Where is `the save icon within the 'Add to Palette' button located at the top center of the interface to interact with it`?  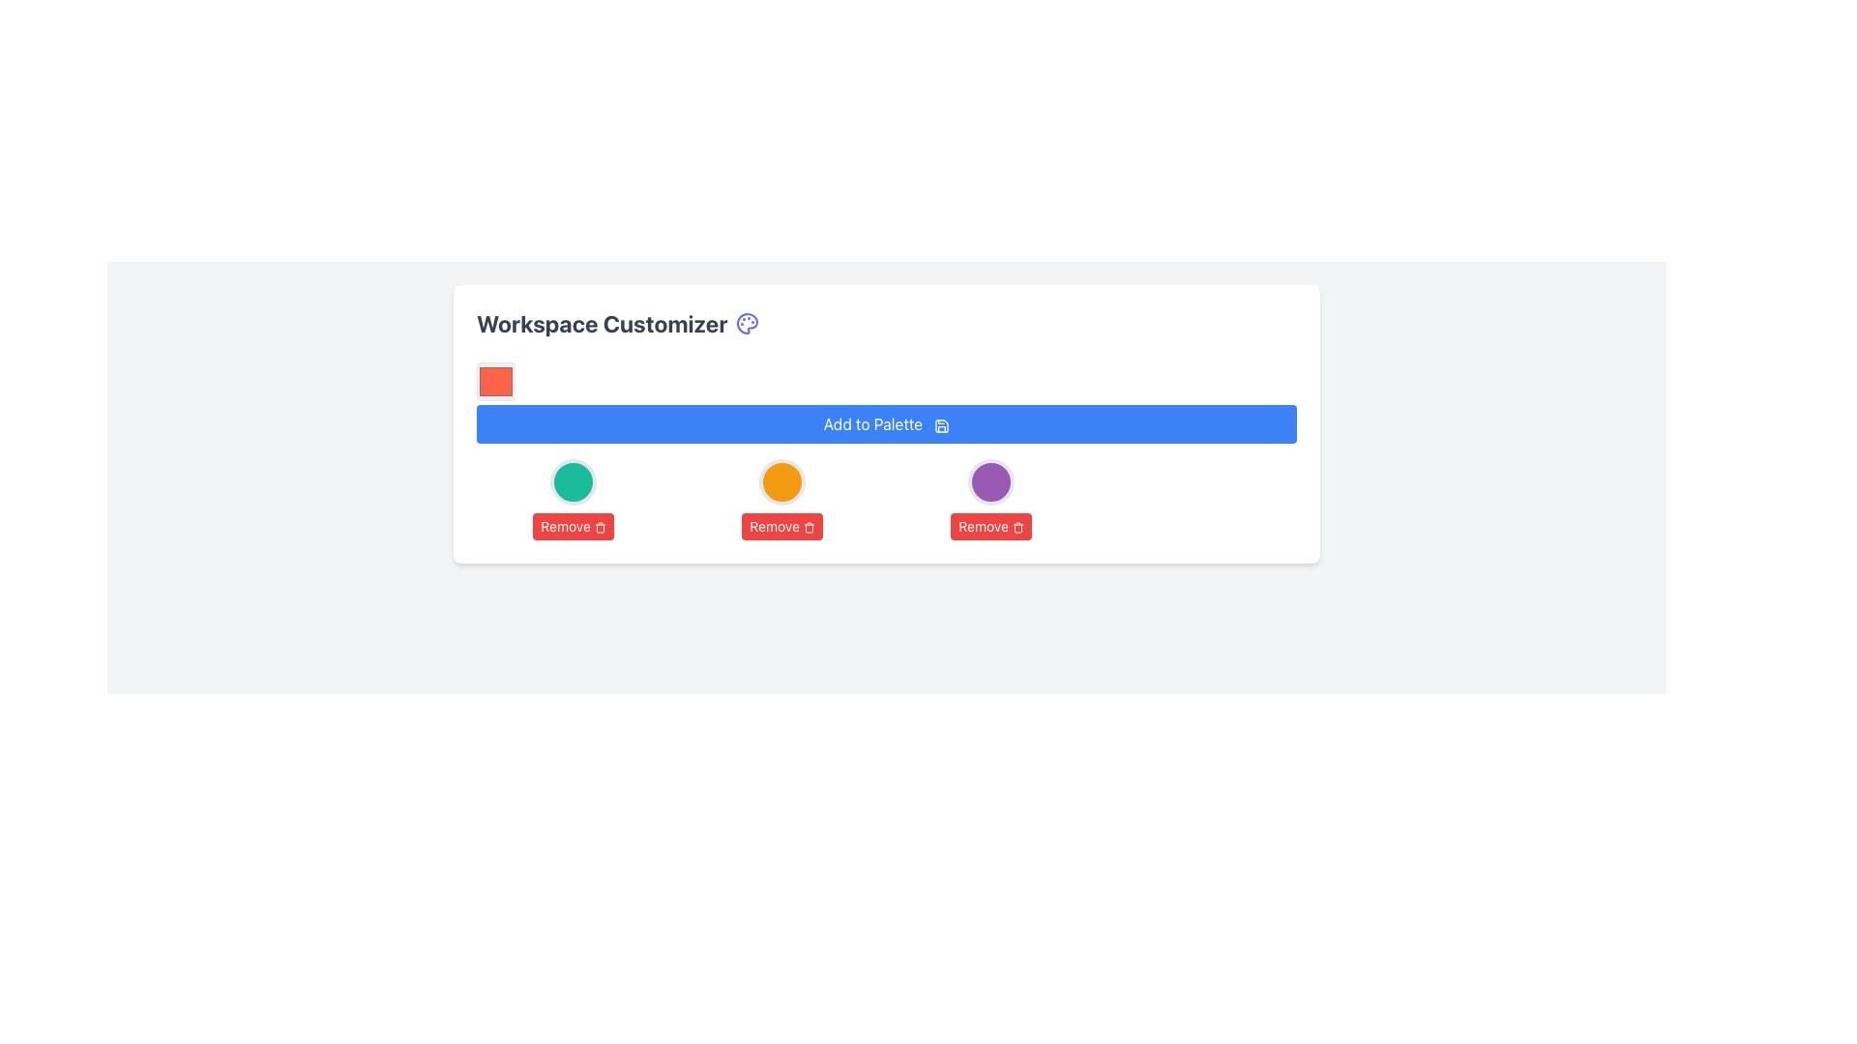 the save icon within the 'Add to Palette' button located at the top center of the interface to interact with it is located at coordinates (942, 424).